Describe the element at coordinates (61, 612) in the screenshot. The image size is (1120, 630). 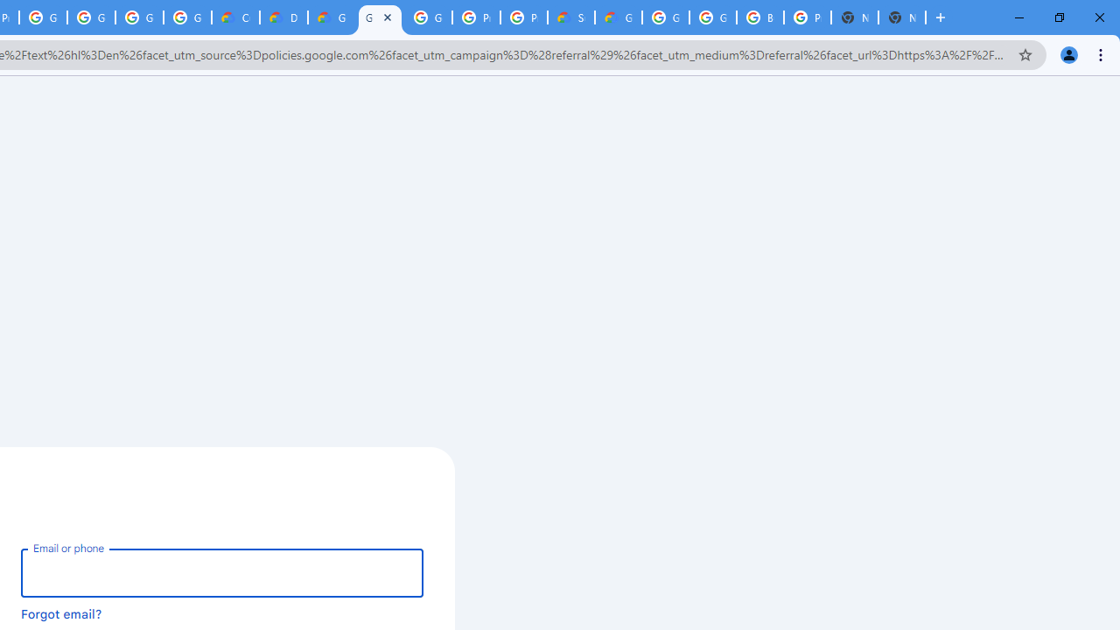
I see `'Forgot email?'` at that location.